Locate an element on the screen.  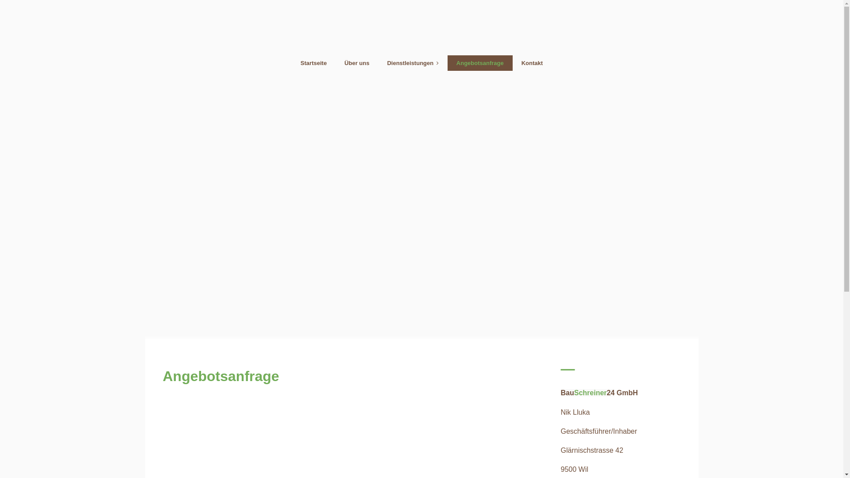
'Angebotsanfrage' is located at coordinates (479, 62).